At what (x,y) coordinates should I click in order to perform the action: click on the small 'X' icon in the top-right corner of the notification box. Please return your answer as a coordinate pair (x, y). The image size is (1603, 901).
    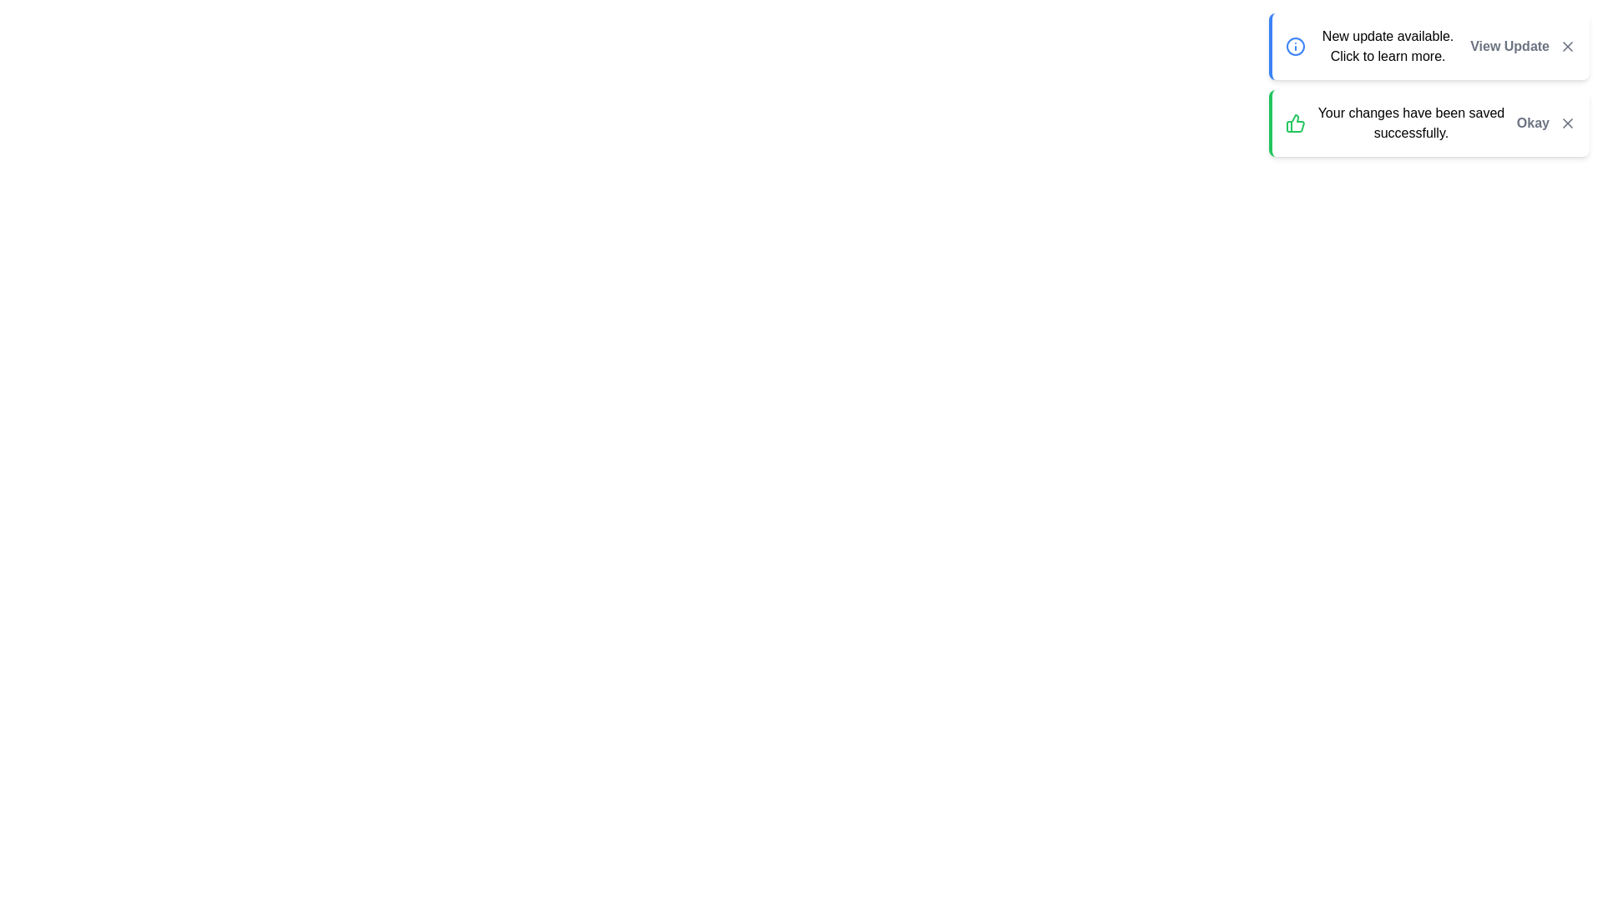
    Looking at the image, I should click on (1566, 122).